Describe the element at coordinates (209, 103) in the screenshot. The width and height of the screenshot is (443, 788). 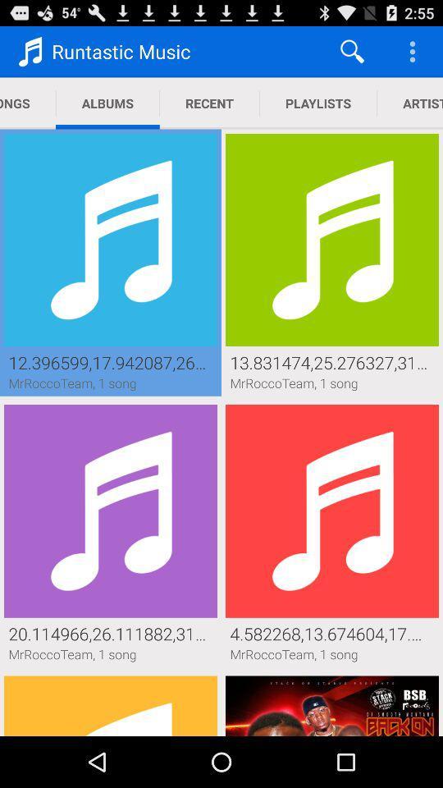
I see `the item to the left of playlists item` at that location.